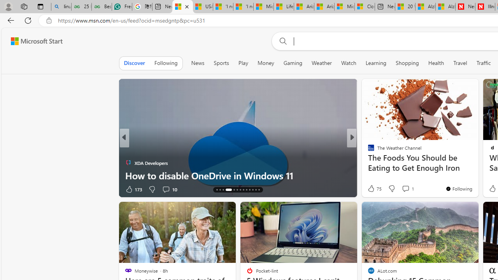 The image size is (498, 280). Describe the element at coordinates (367, 163) in the screenshot. I see `'Eat This, Not That!'` at that location.